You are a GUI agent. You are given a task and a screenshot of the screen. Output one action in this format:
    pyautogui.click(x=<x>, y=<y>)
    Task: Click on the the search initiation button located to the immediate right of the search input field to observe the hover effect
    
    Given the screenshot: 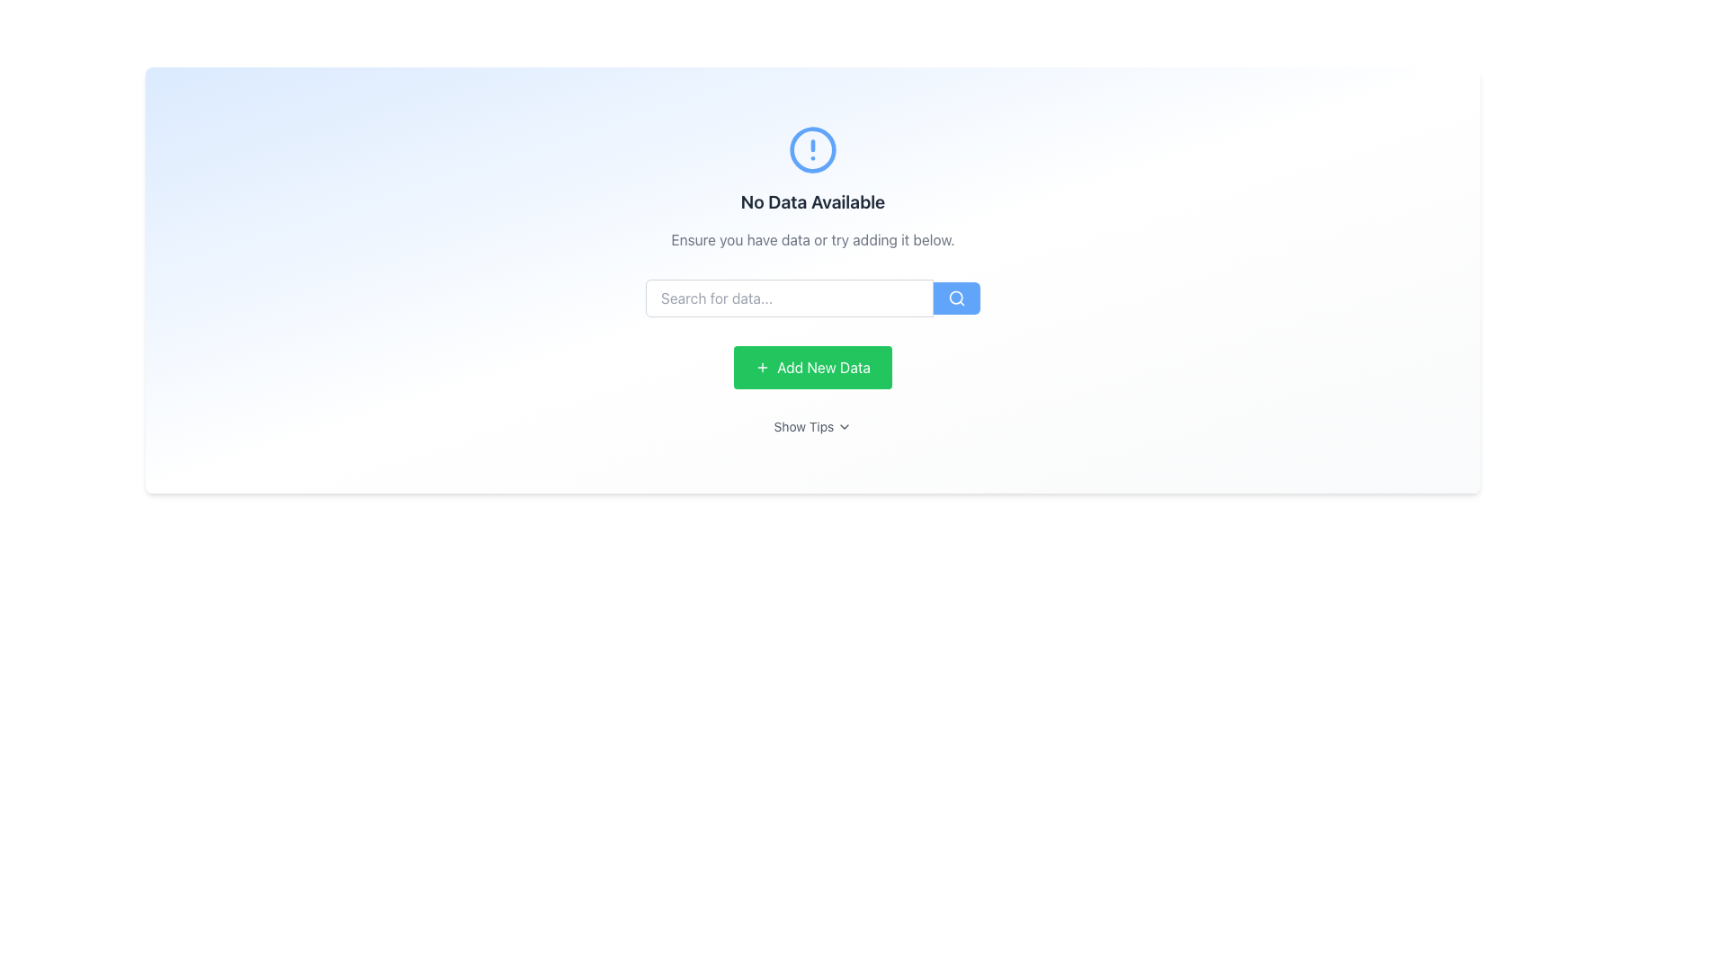 What is the action you would take?
    pyautogui.click(x=956, y=297)
    